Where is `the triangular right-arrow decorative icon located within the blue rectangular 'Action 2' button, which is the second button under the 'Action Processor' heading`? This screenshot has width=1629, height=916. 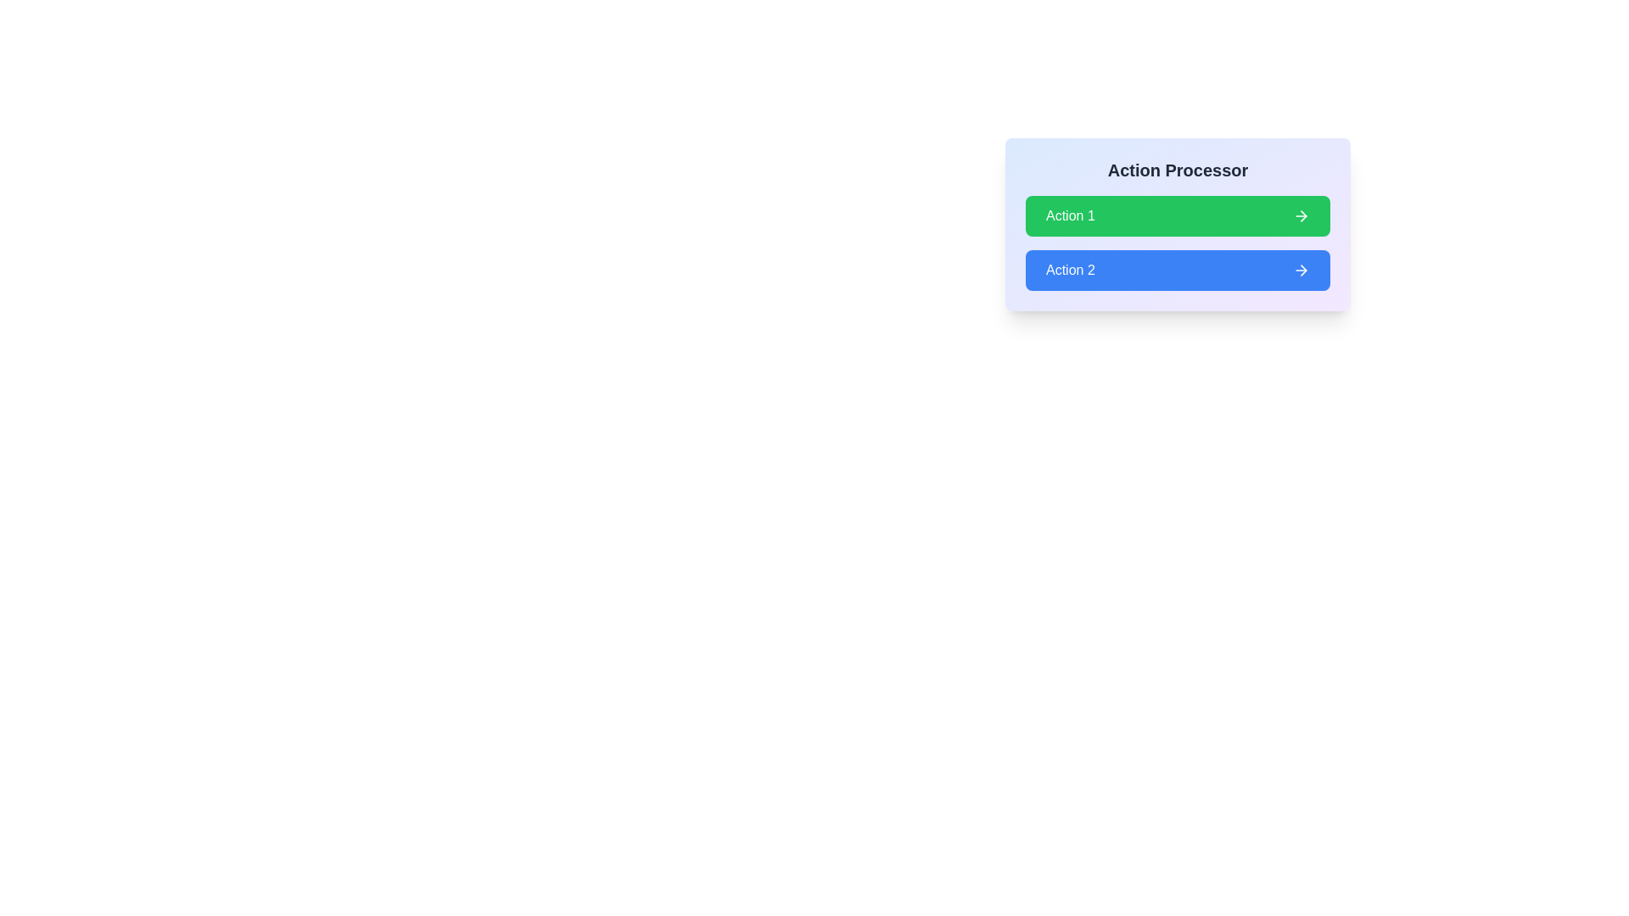 the triangular right-arrow decorative icon located within the blue rectangular 'Action 2' button, which is the second button under the 'Action Processor' heading is located at coordinates (1302, 270).